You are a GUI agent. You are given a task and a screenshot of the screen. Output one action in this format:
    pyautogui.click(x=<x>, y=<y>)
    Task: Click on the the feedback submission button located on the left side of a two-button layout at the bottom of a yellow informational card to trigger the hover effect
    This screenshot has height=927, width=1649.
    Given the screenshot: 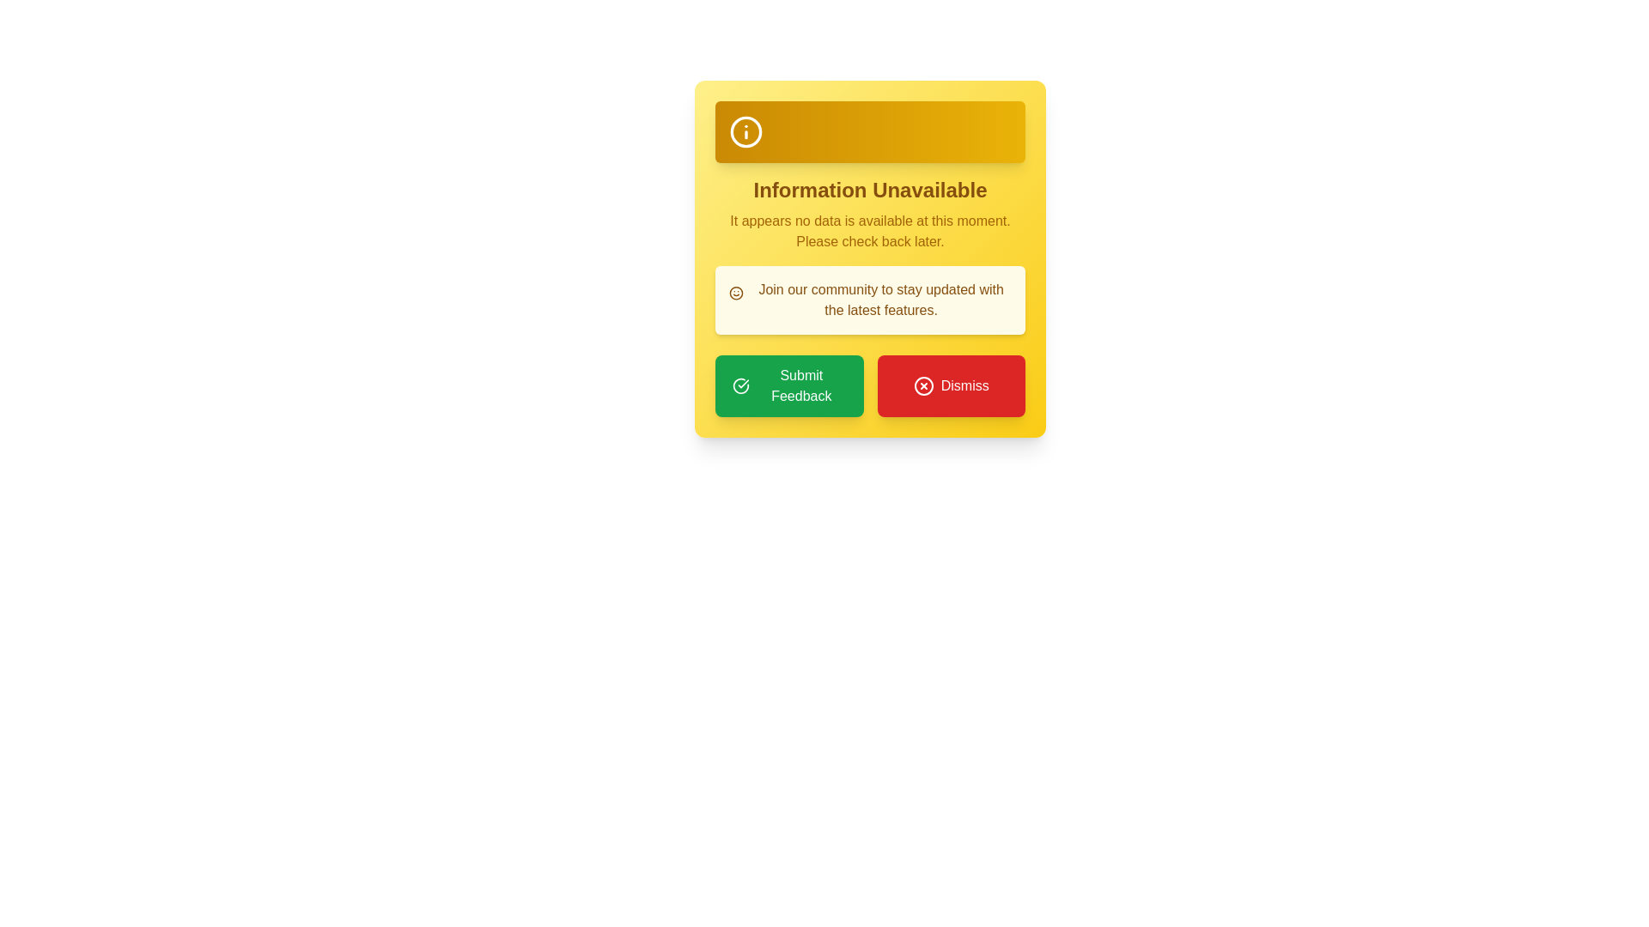 What is the action you would take?
    pyautogui.click(x=788, y=386)
    